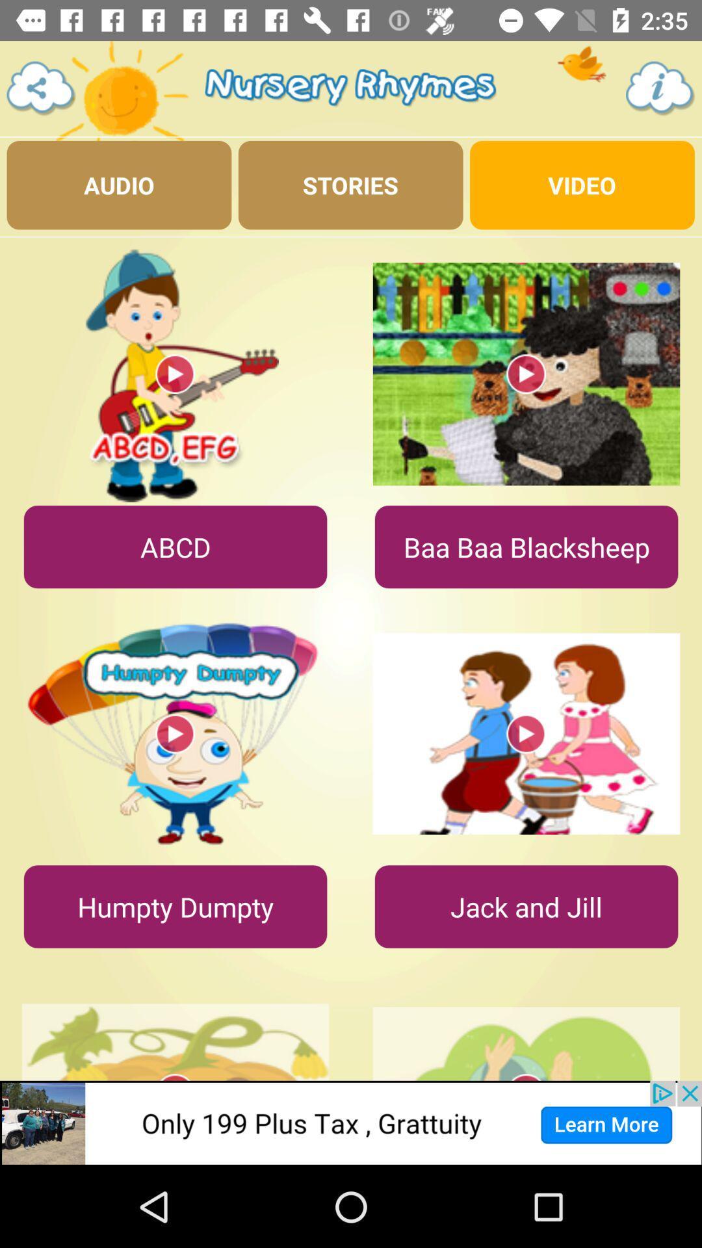 The image size is (702, 1248). What do you see at coordinates (660, 88) in the screenshot?
I see `get information` at bounding box center [660, 88].